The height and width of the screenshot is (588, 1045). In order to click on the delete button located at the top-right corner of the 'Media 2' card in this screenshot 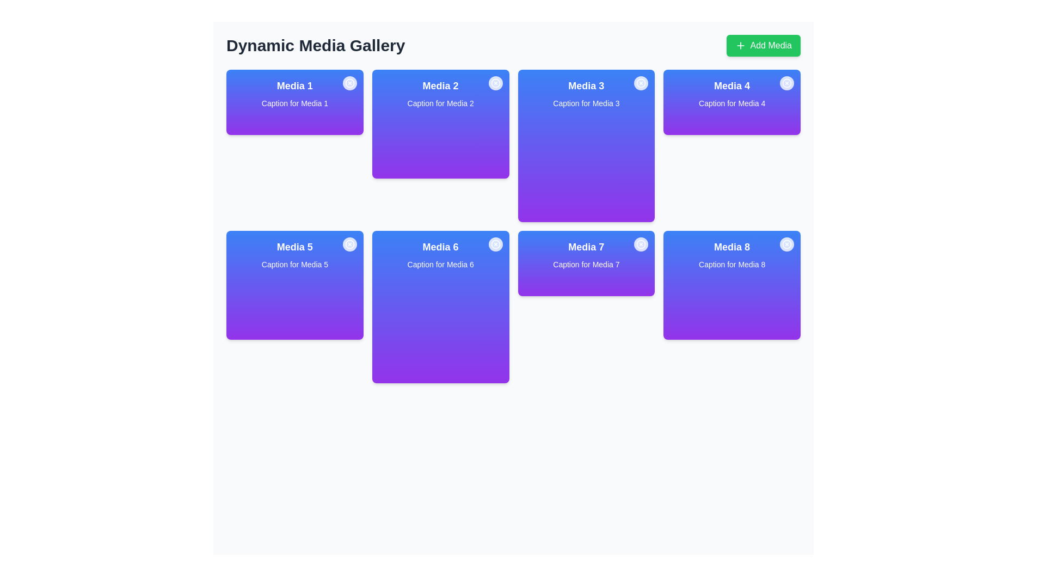, I will do `click(495, 83)`.